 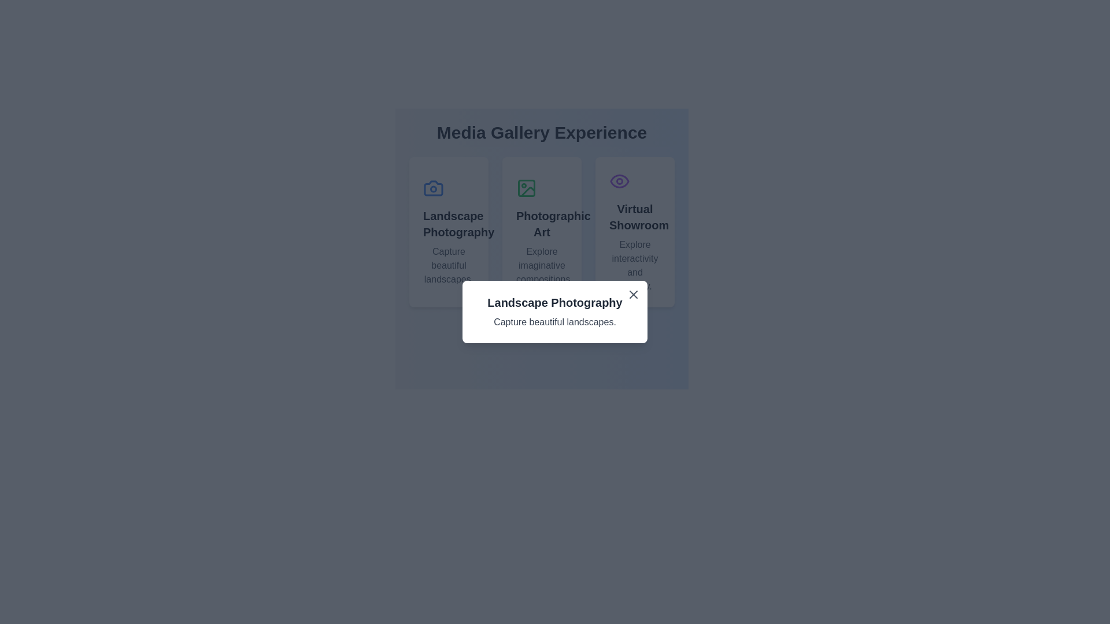 I want to click on the interactive card, so click(x=541, y=232).